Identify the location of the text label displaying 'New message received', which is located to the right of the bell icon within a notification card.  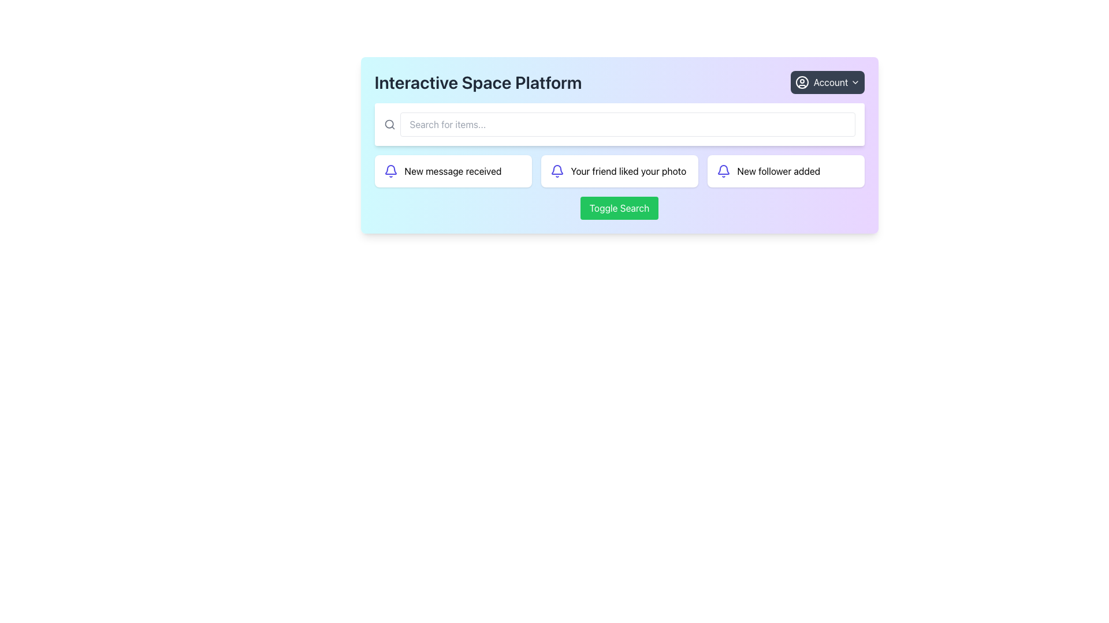
(452, 171).